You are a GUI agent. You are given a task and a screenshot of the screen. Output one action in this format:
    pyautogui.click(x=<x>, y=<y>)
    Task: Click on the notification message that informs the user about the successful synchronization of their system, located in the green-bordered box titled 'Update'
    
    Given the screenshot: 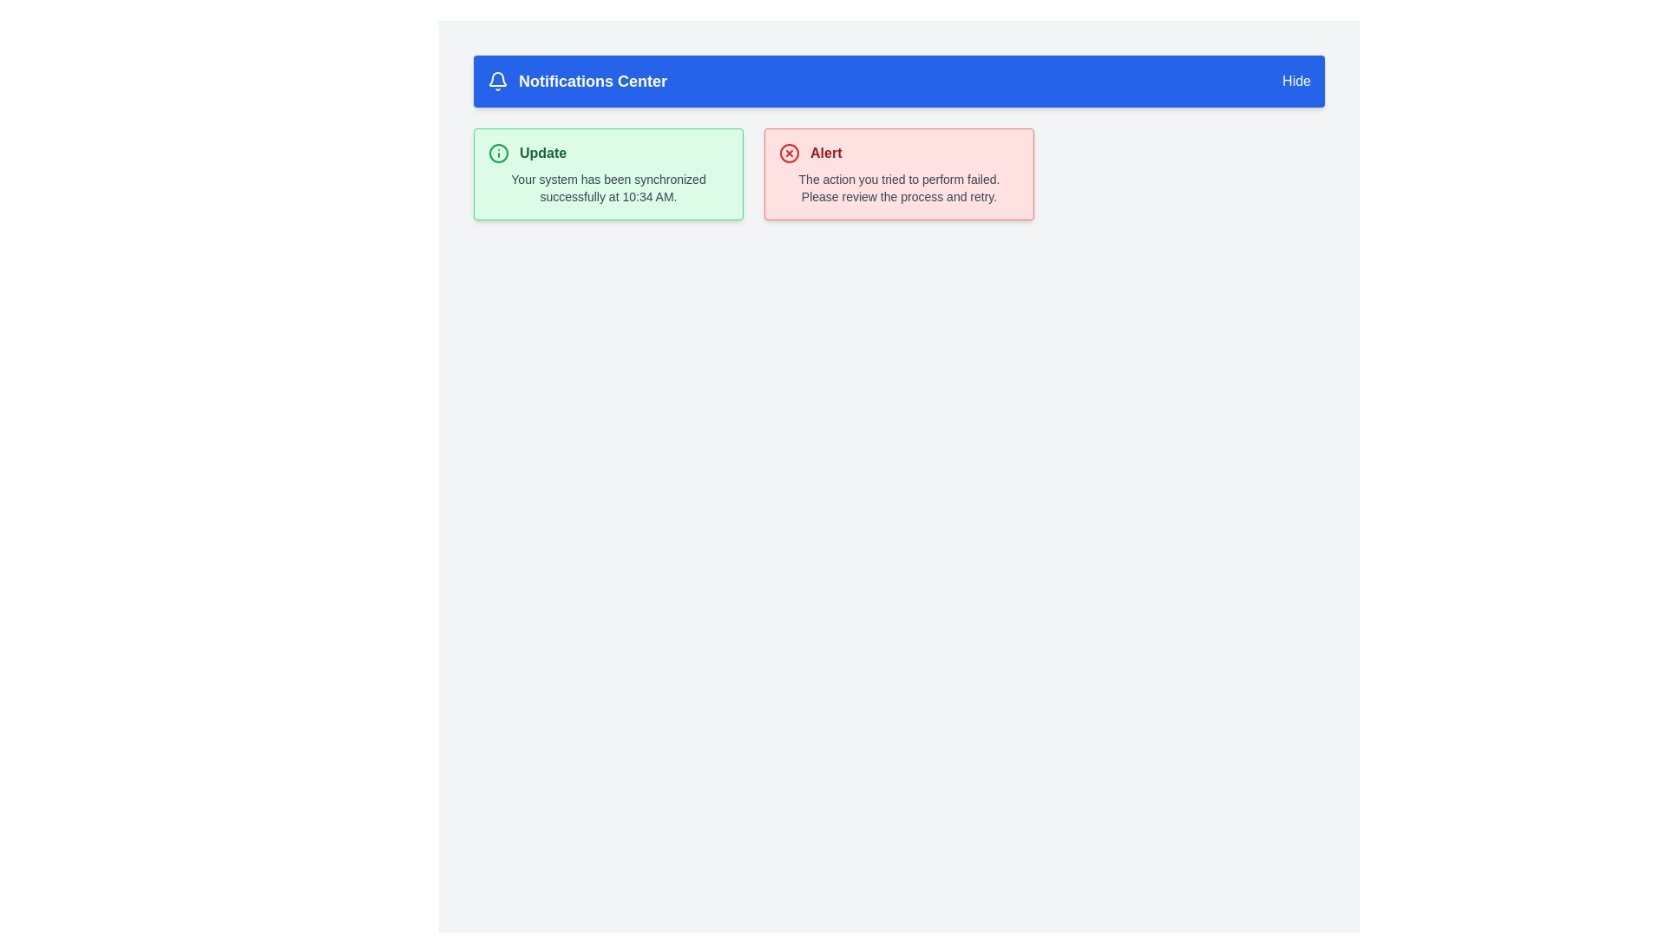 What is the action you would take?
    pyautogui.click(x=608, y=187)
    